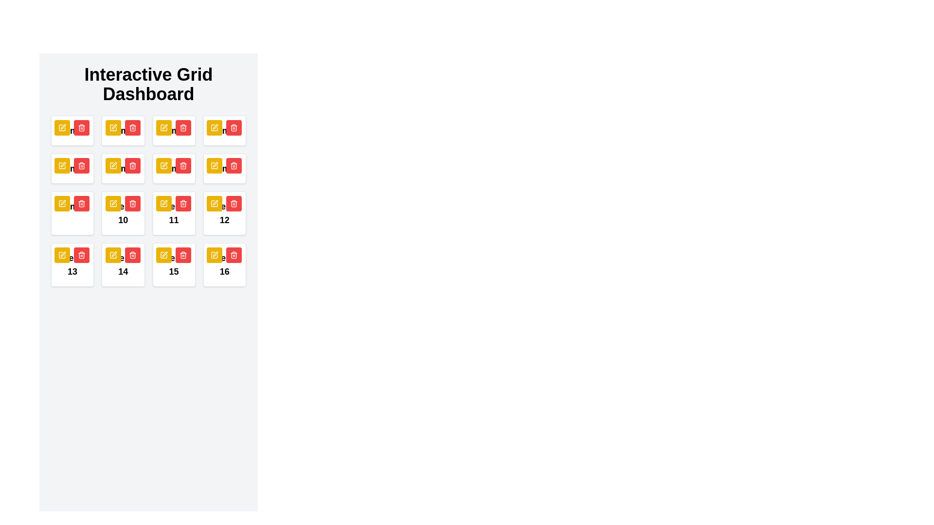 Image resolution: width=934 pixels, height=525 pixels. Describe the element at coordinates (224, 168) in the screenshot. I see `the delete button associated with 'Item 8' to initiate the delete action` at that location.